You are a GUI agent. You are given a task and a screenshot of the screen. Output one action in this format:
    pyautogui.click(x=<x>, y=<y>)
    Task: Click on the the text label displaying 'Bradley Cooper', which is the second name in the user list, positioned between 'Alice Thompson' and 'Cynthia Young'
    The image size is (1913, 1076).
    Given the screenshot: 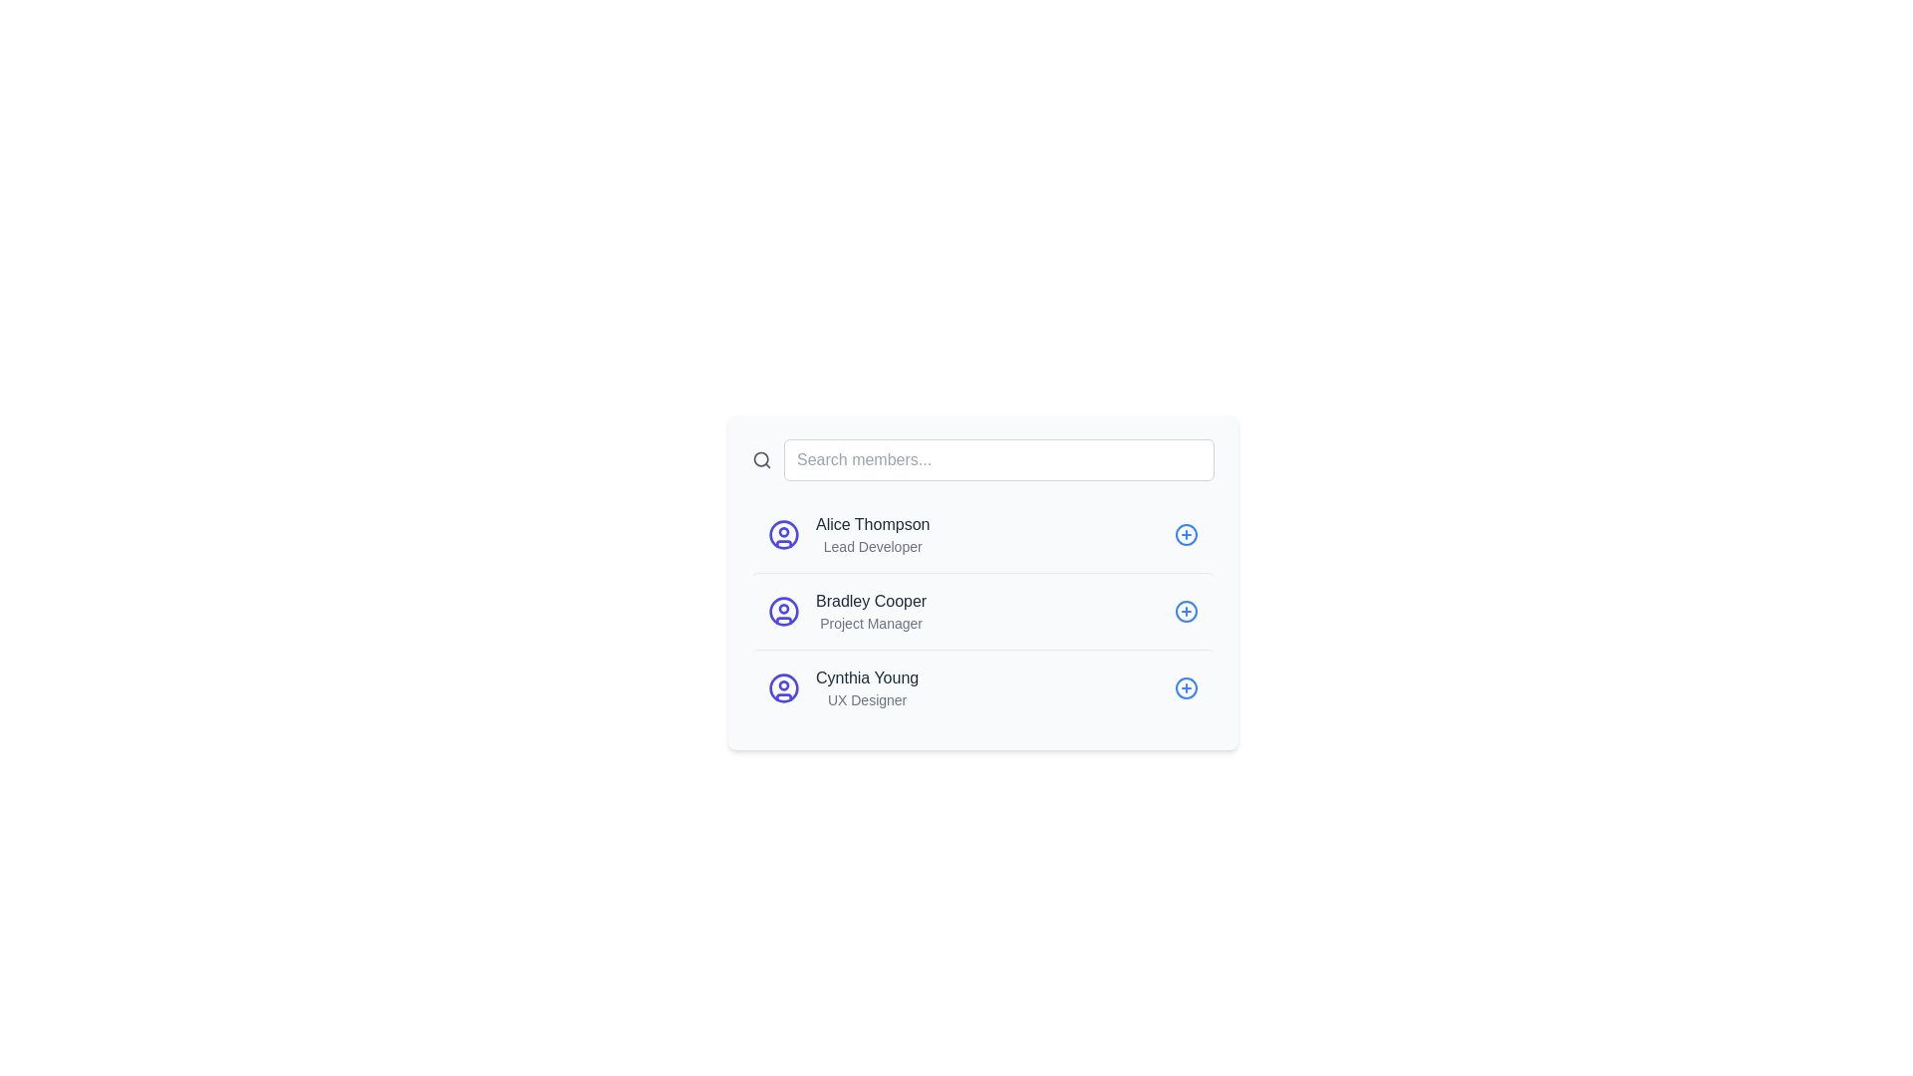 What is the action you would take?
    pyautogui.click(x=871, y=601)
    